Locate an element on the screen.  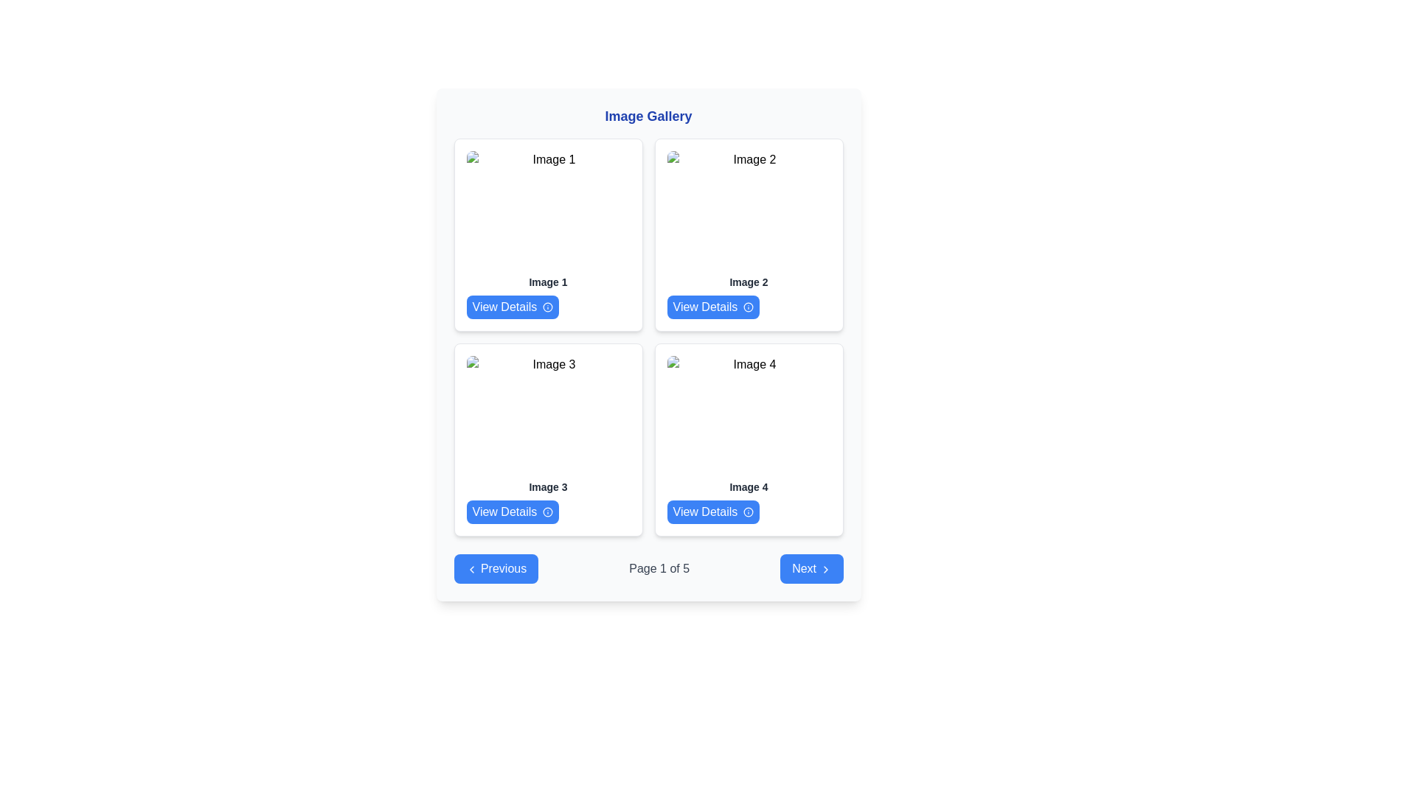
the image displayed in the second card of the first row in the image gallery is located at coordinates (749, 210).